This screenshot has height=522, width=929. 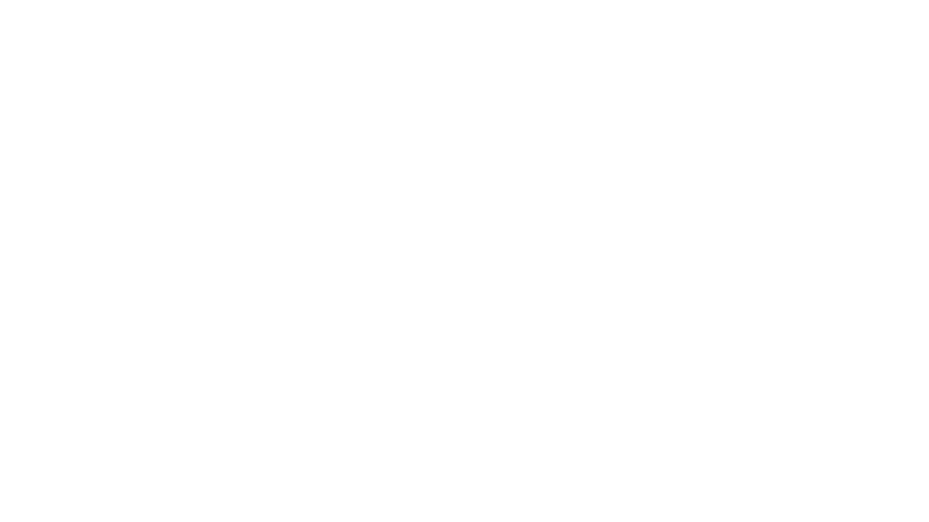 What do you see at coordinates (798, 118) in the screenshot?
I see `Thi Hieu Nguyen` at bounding box center [798, 118].